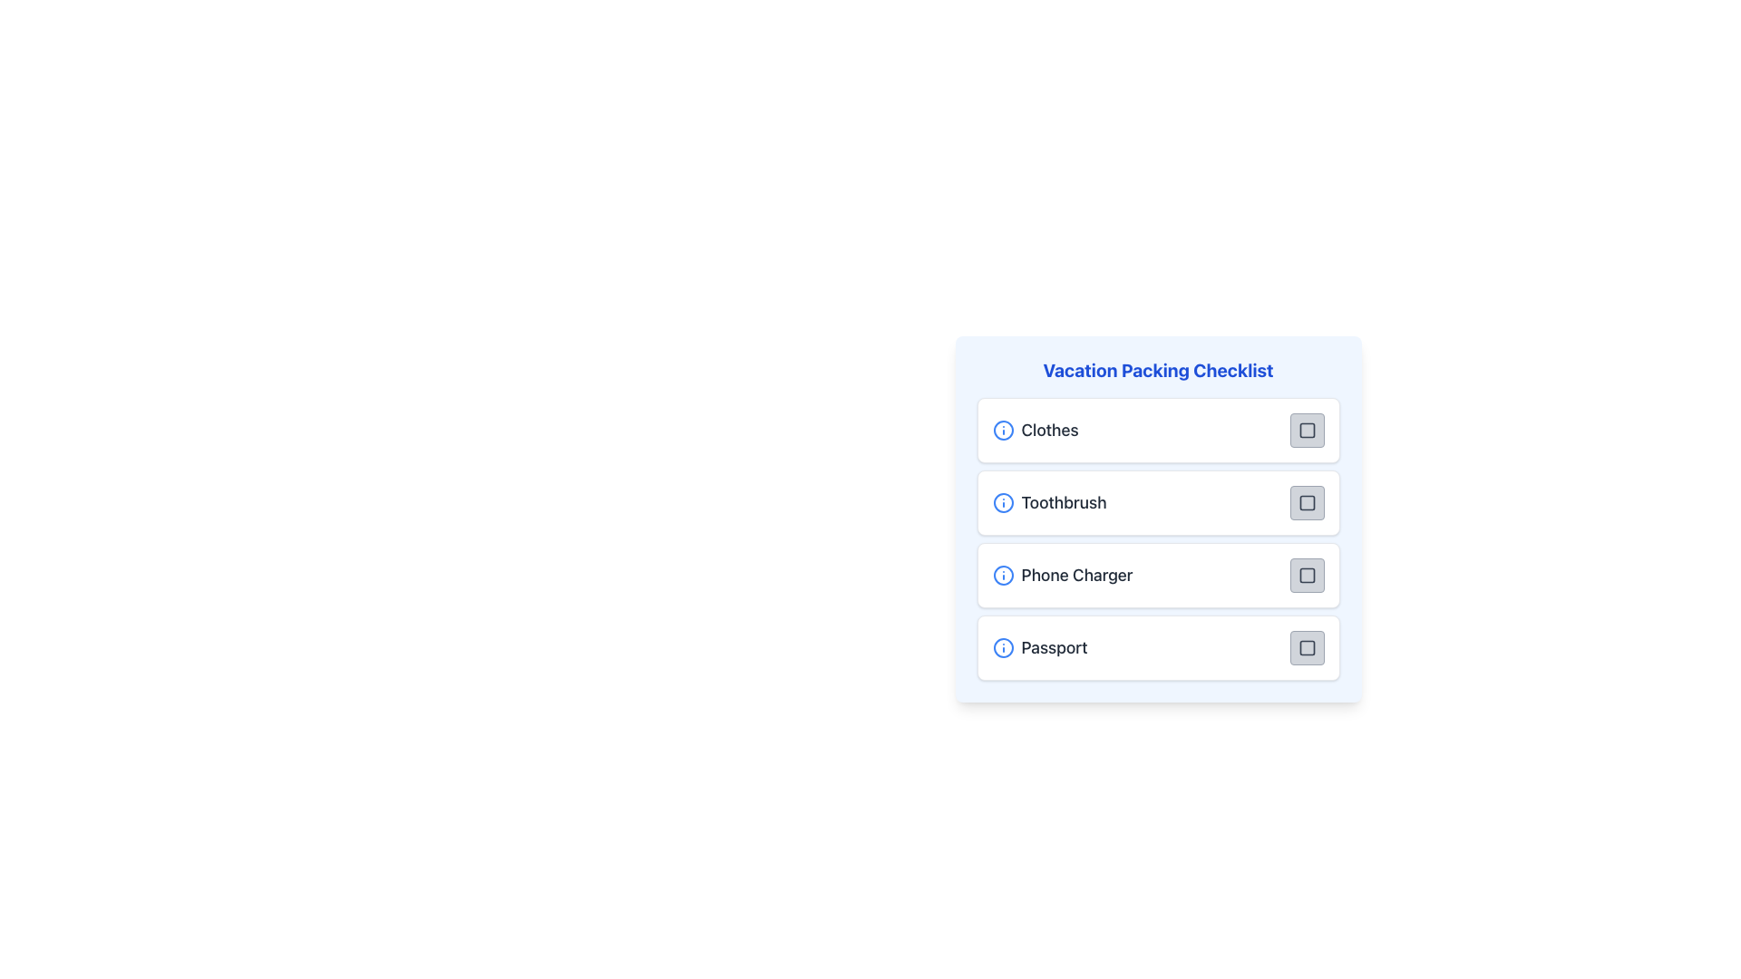  Describe the element at coordinates (1307, 646) in the screenshot. I see `the Interactive Icon that serves as a status indicator next to the 'Passport' item in the checklist` at that location.